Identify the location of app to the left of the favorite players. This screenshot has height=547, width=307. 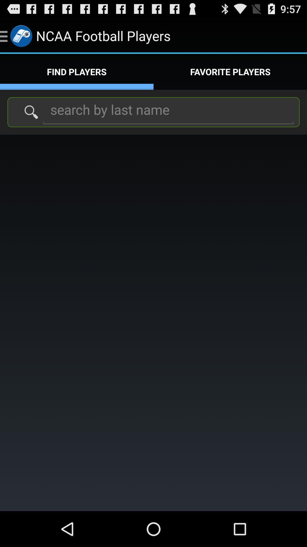
(77, 72).